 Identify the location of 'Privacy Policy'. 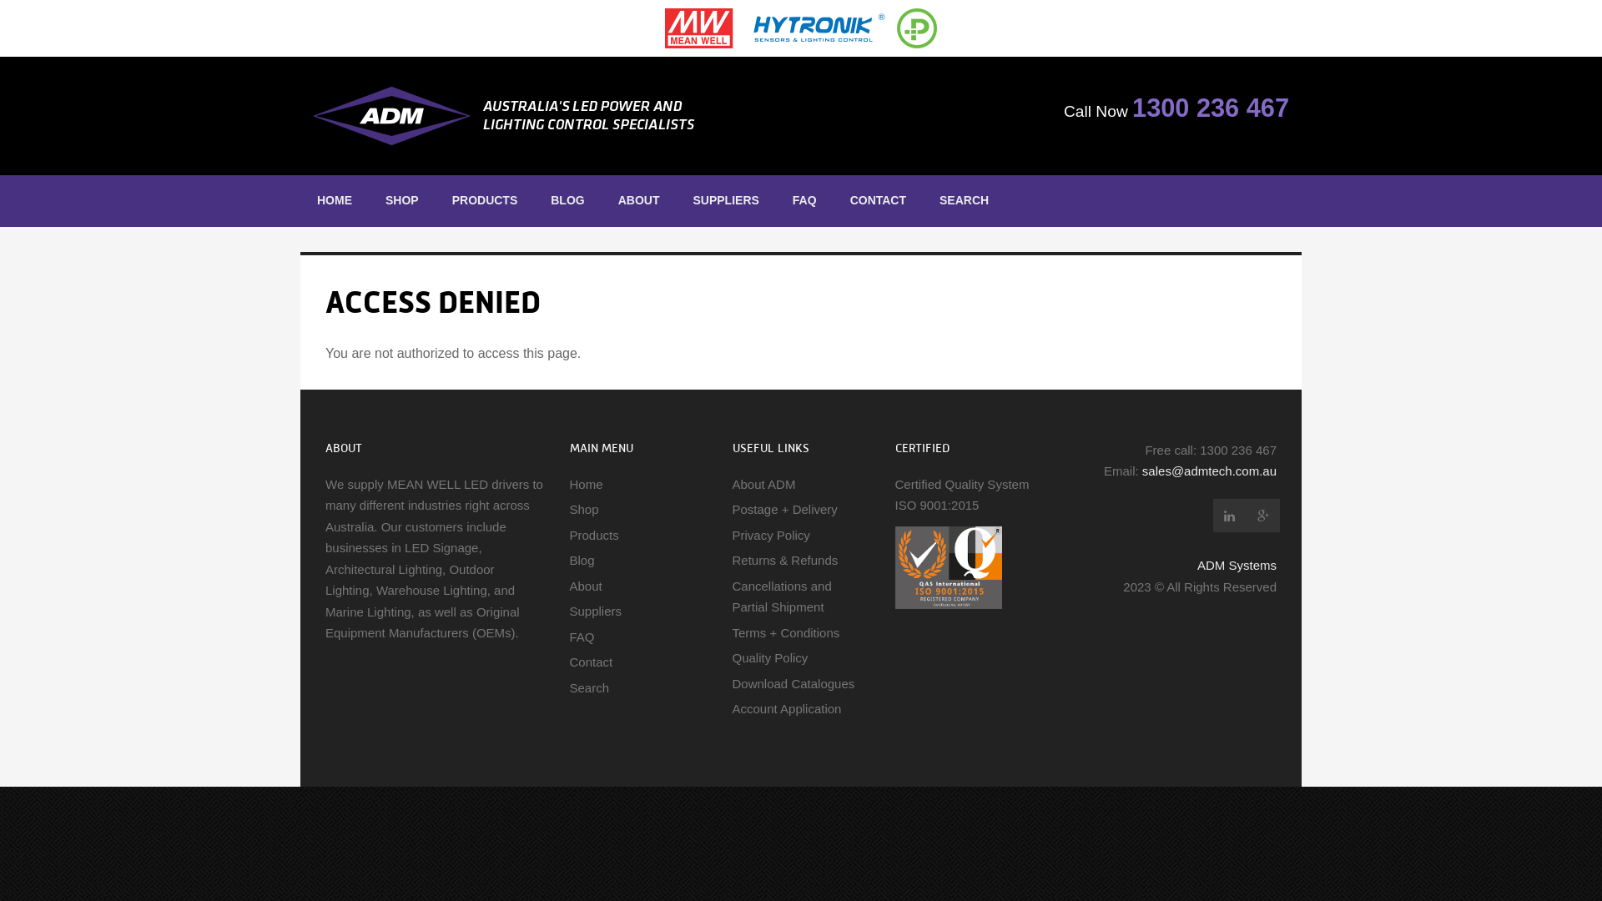
(770, 535).